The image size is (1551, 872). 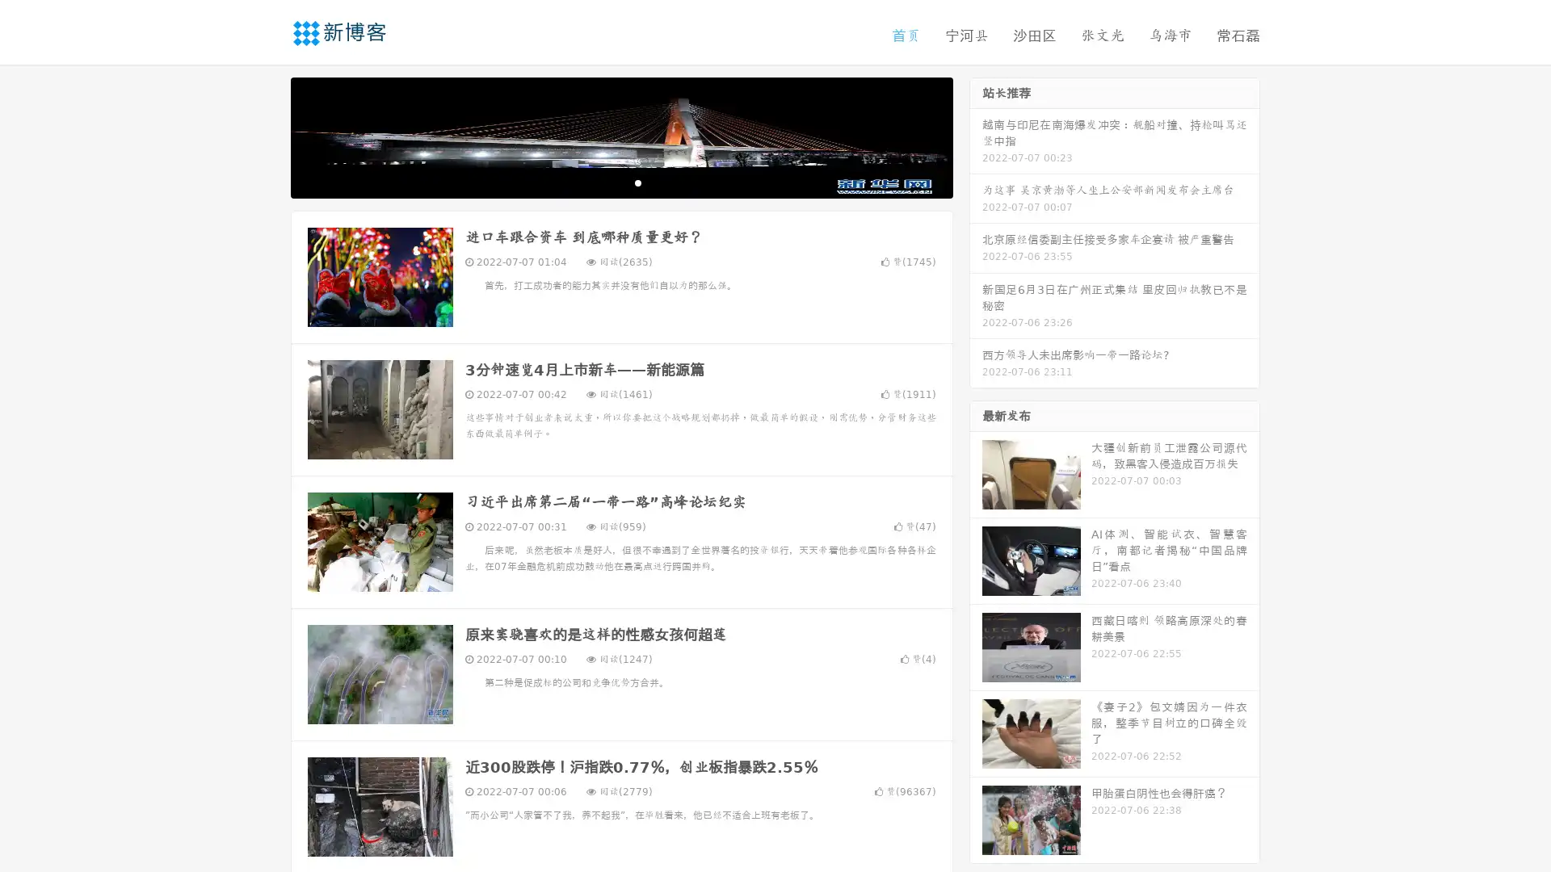 What do you see at coordinates (637, 182) in the screenshot?
I see `Go to slide 3` at bounding box center [637, 182].